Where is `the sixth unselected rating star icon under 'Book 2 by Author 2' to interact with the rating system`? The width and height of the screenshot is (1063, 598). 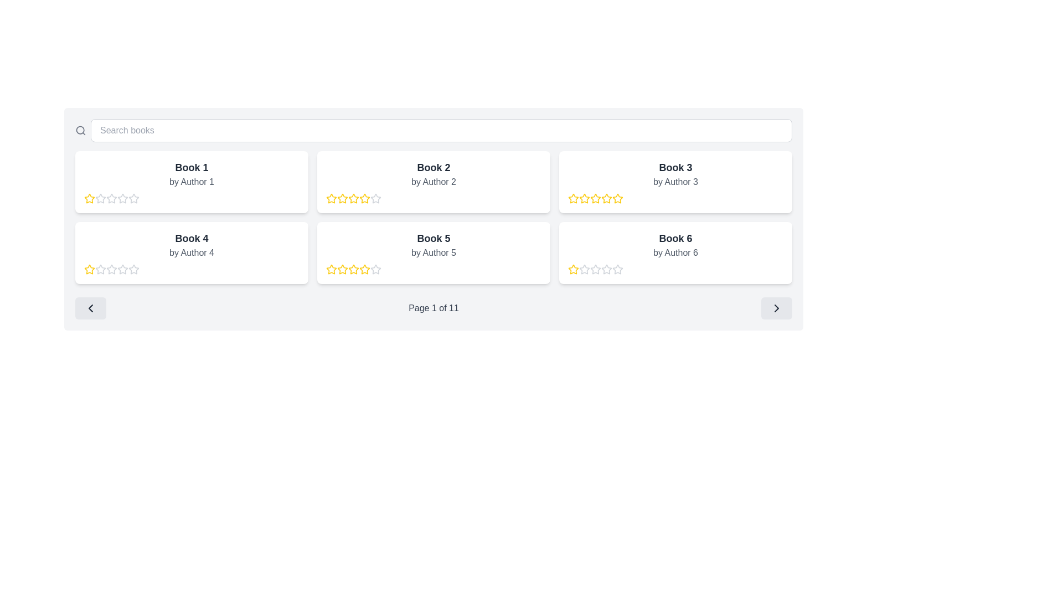
the sixth unselected rating star icon under 'Book 2 by Author 2' to interact with the rating system is located at coordinates (375, 198).